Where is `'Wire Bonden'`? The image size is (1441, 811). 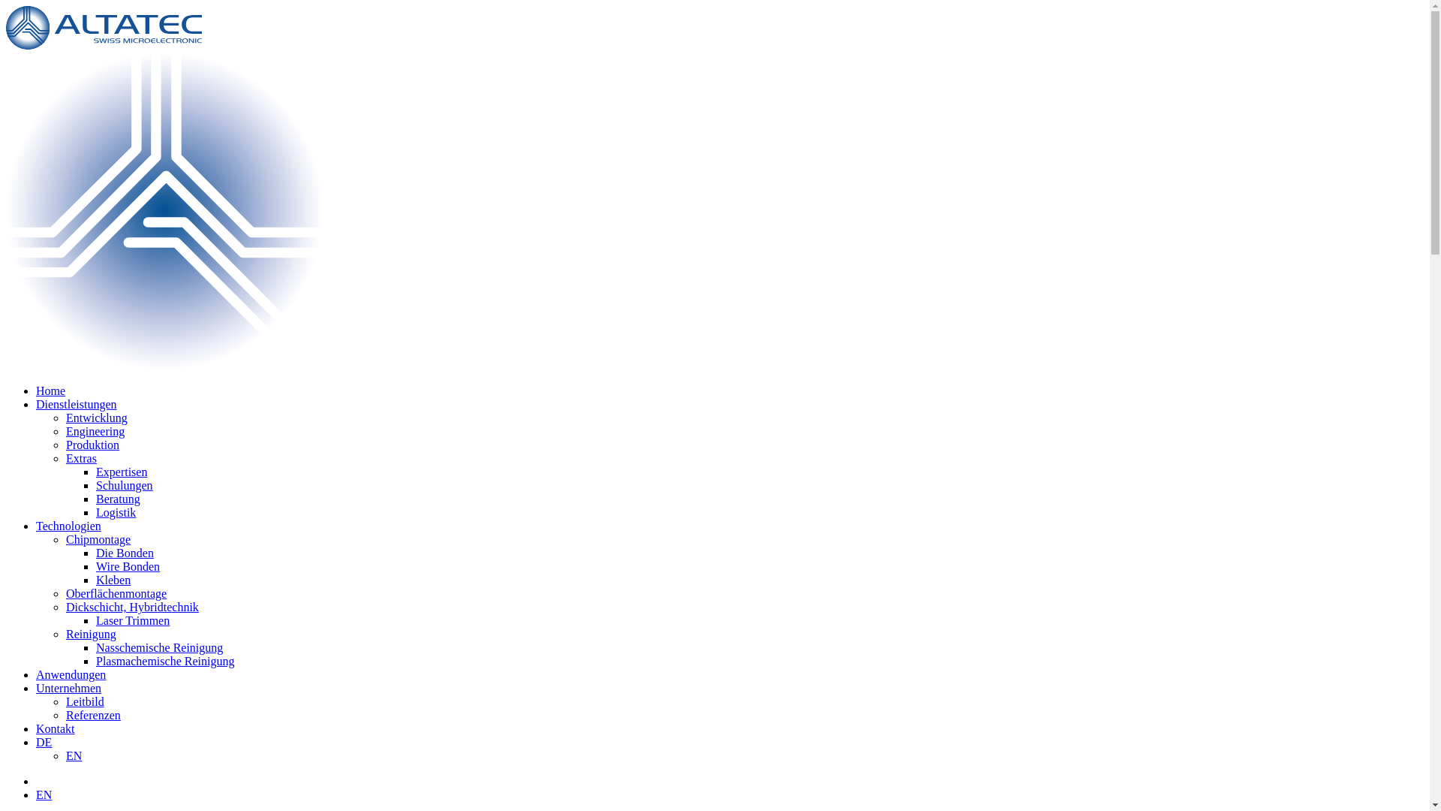 'Wire Bonden' is located at coordinates (95, 566).